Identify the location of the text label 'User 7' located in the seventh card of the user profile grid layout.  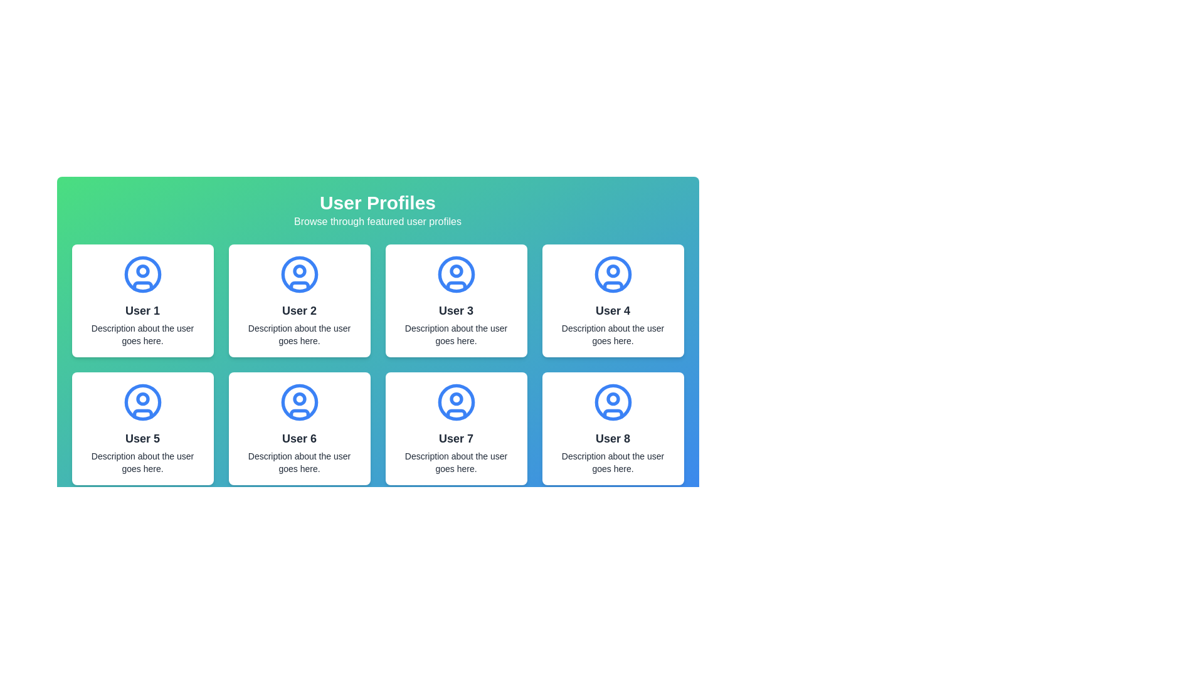
(455, 438).